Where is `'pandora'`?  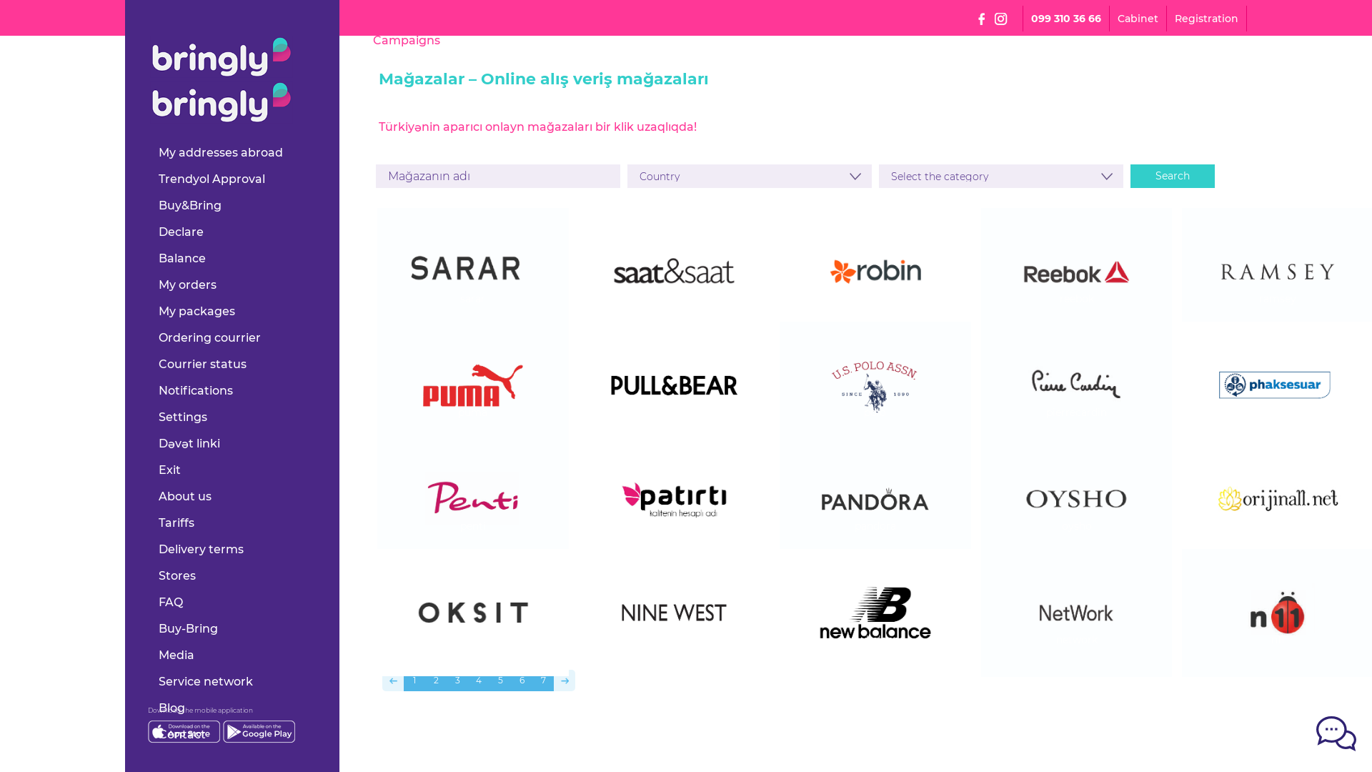
'pandora' is located at coordinates (874, 526).